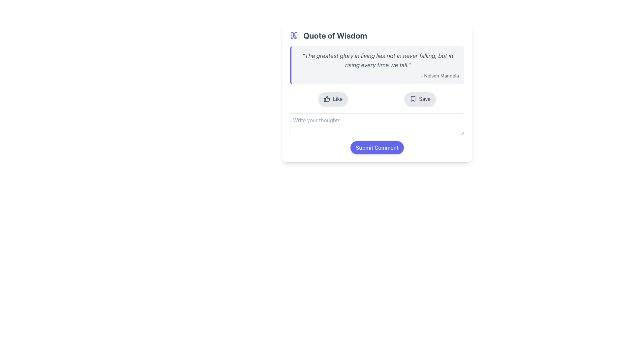  I want to click on the Text Label that serves as a title or headline for the panel, located in the upper part of the card-like component, following an icon on its left side and positioned above a block containing quotation text, so click(335, 36).